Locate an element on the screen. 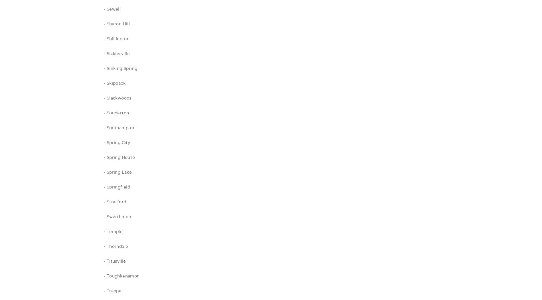 This screenshot has width=542, height=300. '· Souderton' is located at coordinates (104, 112).